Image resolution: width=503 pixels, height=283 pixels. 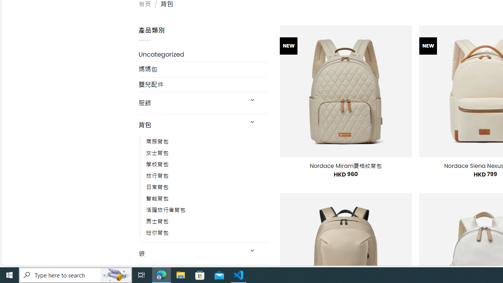 What do you see at coordinates (203, 54) in the screenshot?
I see `'Uncategorized'` at bounding box center [203, 54].